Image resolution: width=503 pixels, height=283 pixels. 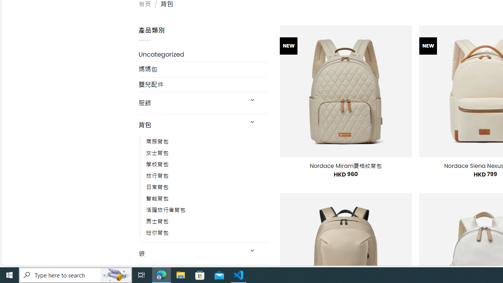 What do you see at coordinates (203, 54) in the screenshot?
I see `'Uncategorized'` at bounding box center [203, 54].